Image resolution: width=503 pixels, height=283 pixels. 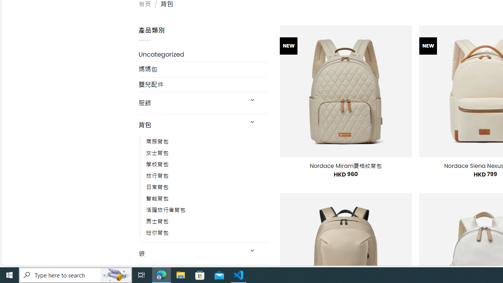 What do you see at coordinates (203, 54) in the screenshot?
I see `'Uncategorized'` at bounding box center [203, 54].